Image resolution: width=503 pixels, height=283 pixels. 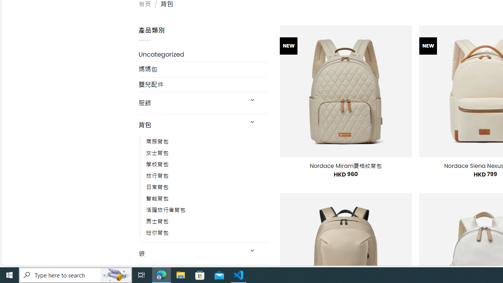 What do you see at coordinates (203, 54) in the screenshot?
I see `'Uncategorized'` at bounding box center [203, 54].